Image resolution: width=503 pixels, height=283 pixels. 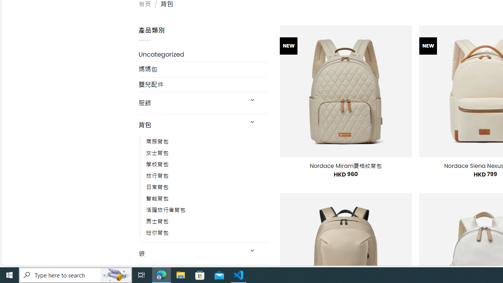 What do you see at coordinates (203, 54) in the screenshot?
I see `'Uncategorized'` at bounding box center [203, 54].